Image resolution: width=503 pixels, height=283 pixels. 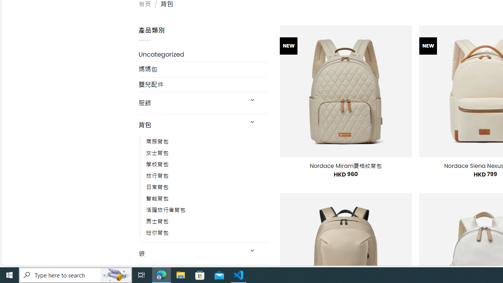 What do you see at coordinates (203, 54) in the screenshot?
I see `'Uncategorized'` at bounding box center [203, 54].